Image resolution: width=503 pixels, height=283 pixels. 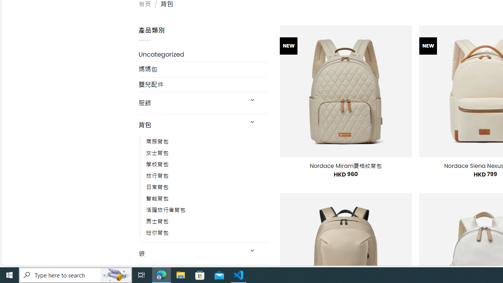 What do you see at coordinates (203, 54) in the screenshot?
I see `'Uncategorized'` at bounding box center [203, 54].